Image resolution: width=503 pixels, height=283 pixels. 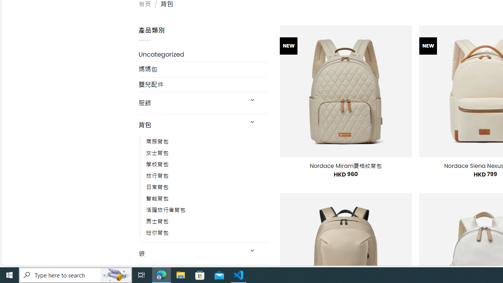 What do you see at coordinates (203, 54) in the screenshot?
I see `'Uncategorized'` at bounding box center [203, 54].